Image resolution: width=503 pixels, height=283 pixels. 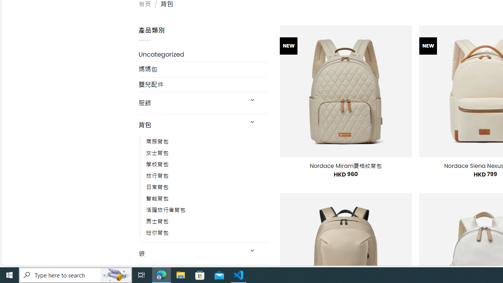 What do you see at coordinates (203, 54) in the screenshot?
I see `'Uncategorized'` at bounding box center [203, 54].